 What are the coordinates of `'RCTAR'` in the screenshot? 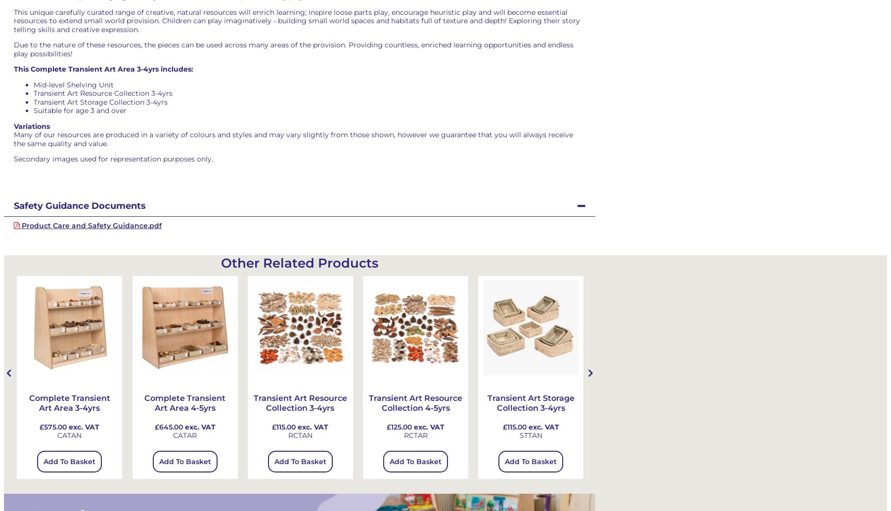 It's located at (415, 435).